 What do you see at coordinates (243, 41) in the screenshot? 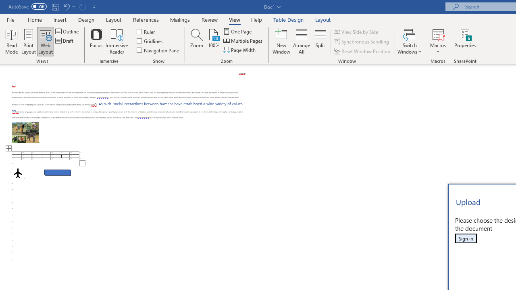
I see `'Multiple Pages'` at bounding box center [243, 41].